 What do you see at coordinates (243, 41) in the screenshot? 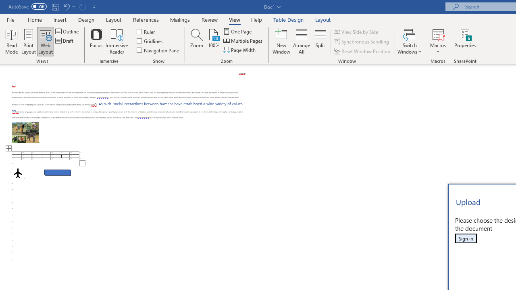
I see `'Multiple Pages'` at bounding box center [243, 41].